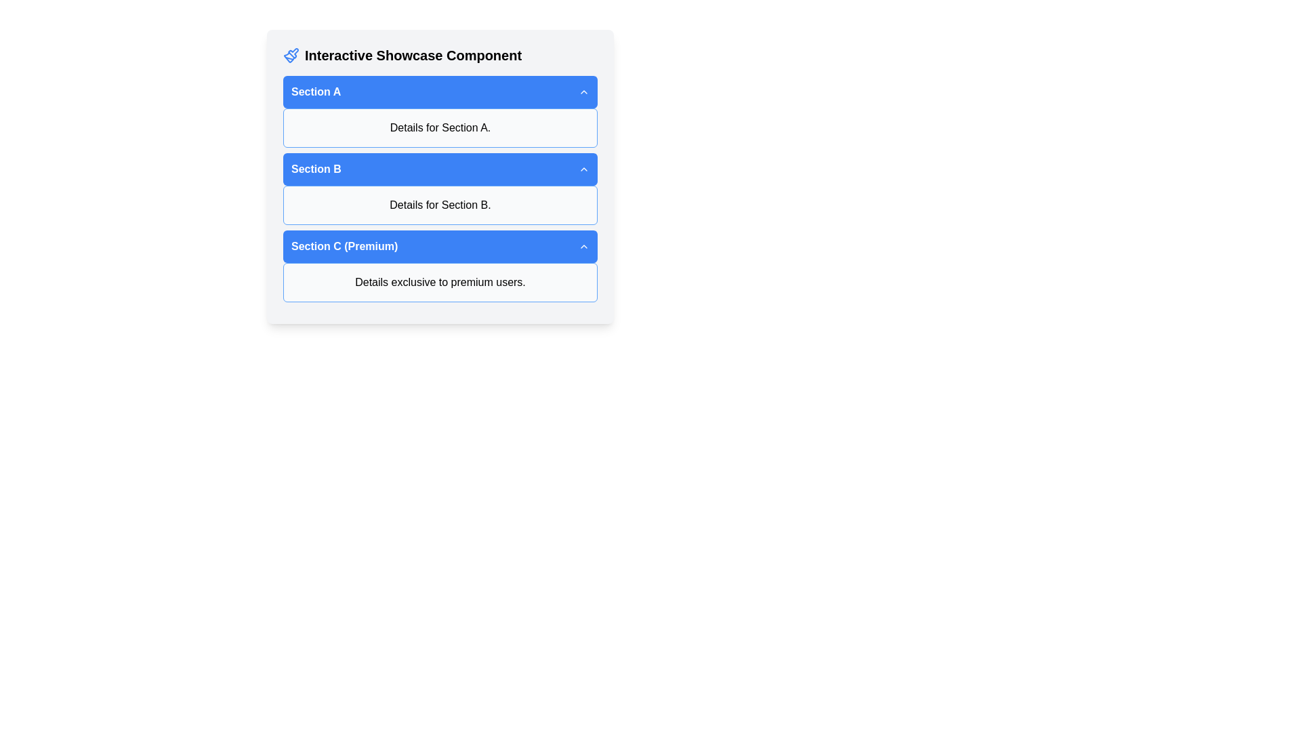 The height and width of the screenshot is (732, 1301). What do you see at coordinates (315, 169) in the screenshot?
I see `the 'Section B' text label` at bounding box center [315, 169].